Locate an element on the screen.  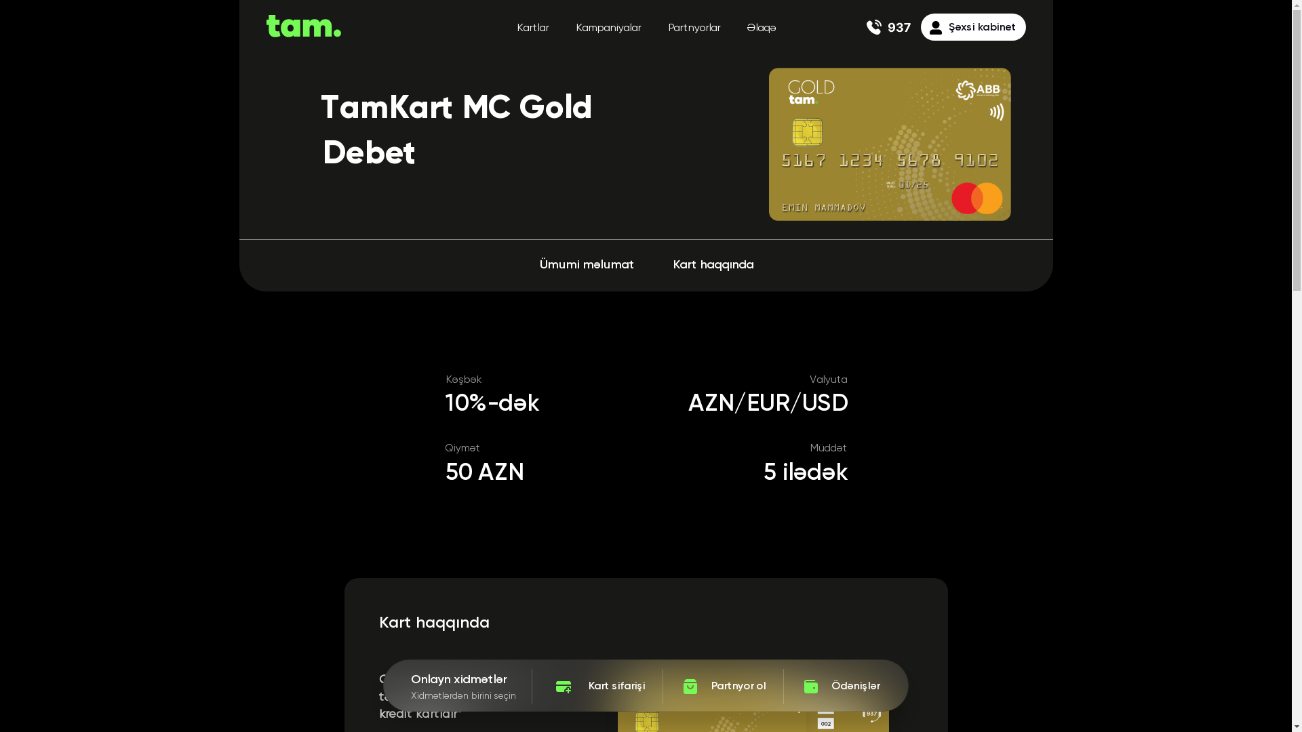
'Partnyorlar' is located at coordinates (693, 28).